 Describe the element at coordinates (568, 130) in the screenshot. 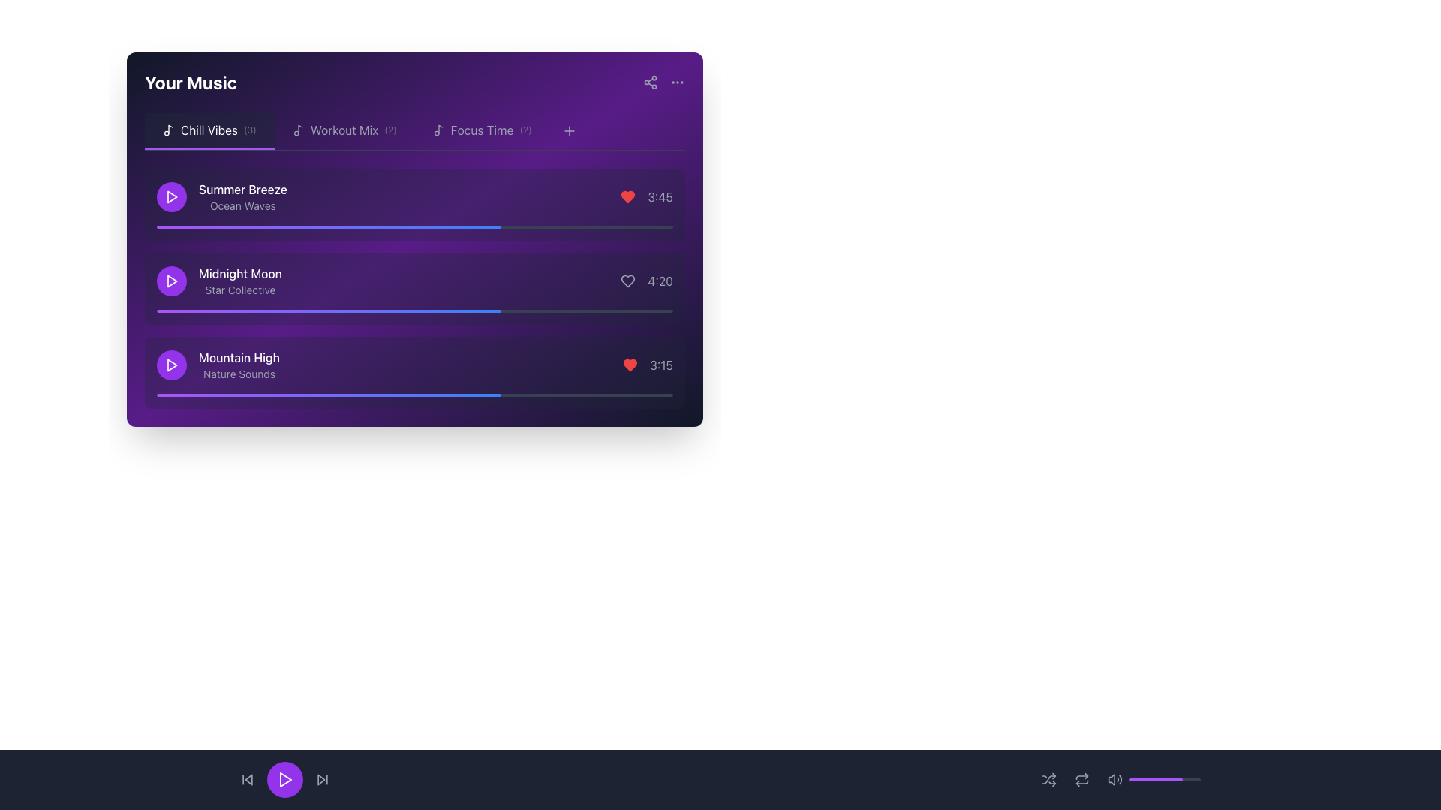

I see `the Plus Icon in the top-right corner of the 'Your Music' panel` at that location.